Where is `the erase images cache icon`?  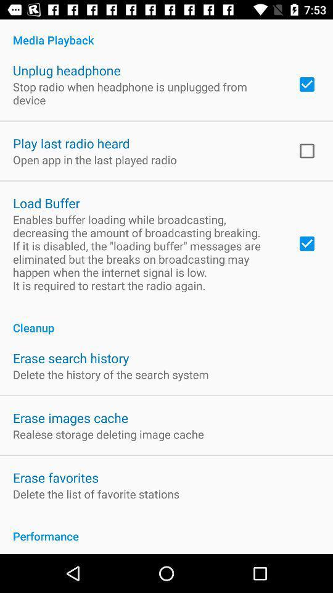
the erase images cache icon is located at coordinates (70, 418).